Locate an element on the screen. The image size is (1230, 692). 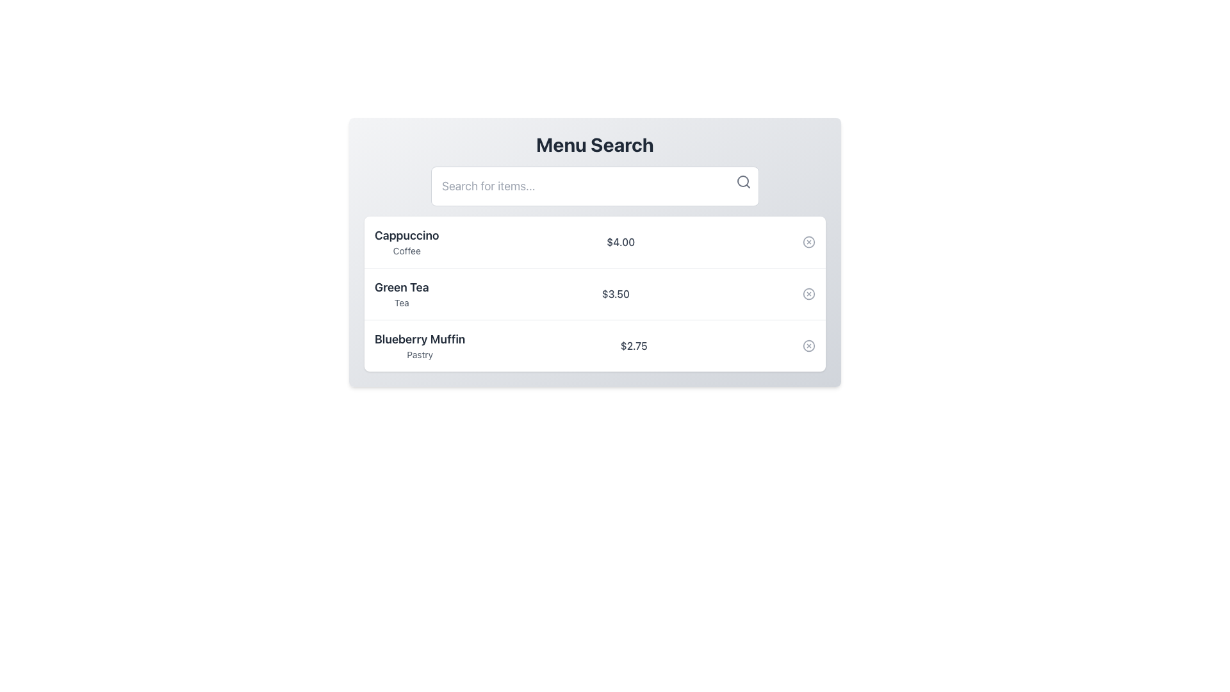
the button located in the top-right corner of the first row of the menu list is located at coordinates (808, 242).